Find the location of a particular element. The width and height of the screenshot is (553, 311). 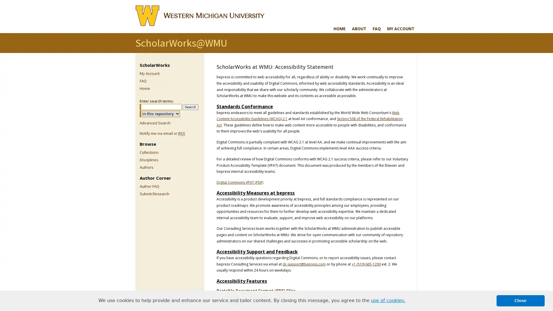

Search is located at coordinates (190, 107).